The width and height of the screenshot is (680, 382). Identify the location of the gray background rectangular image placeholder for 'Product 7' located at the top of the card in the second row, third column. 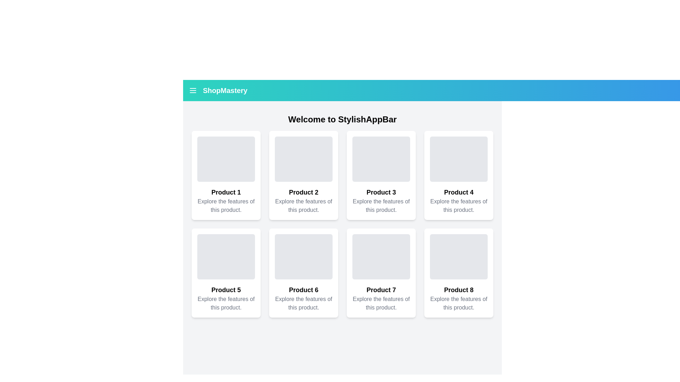
(381, 256).